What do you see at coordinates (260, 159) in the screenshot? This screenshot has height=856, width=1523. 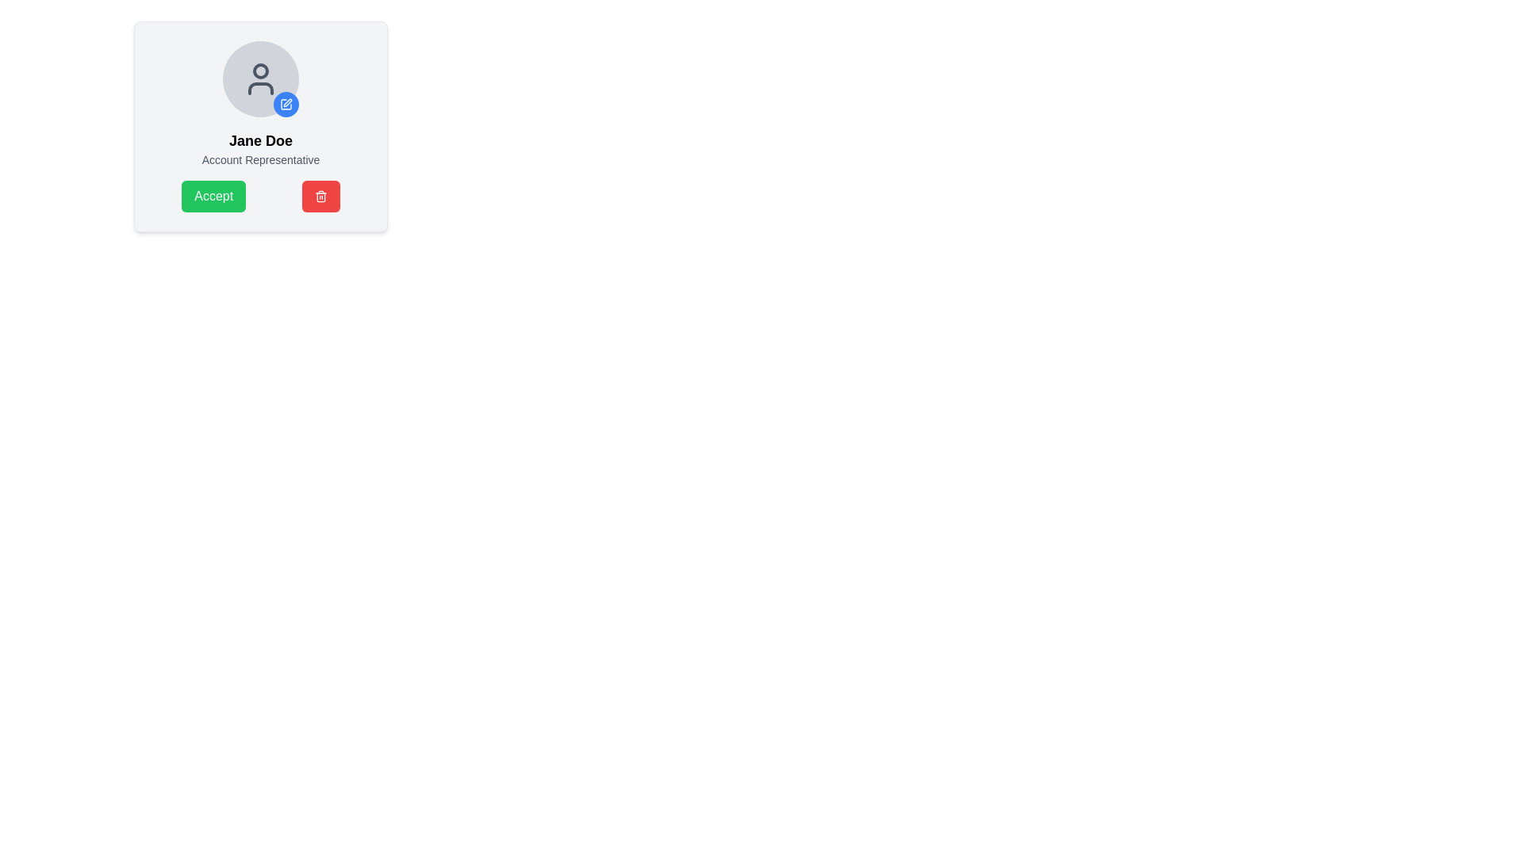 I see `the text label that displays 'Account Representative', which is styled in small, gray text located directly below the 'Jane Doe' text label in the card layout` at bounding box center [260, 159].